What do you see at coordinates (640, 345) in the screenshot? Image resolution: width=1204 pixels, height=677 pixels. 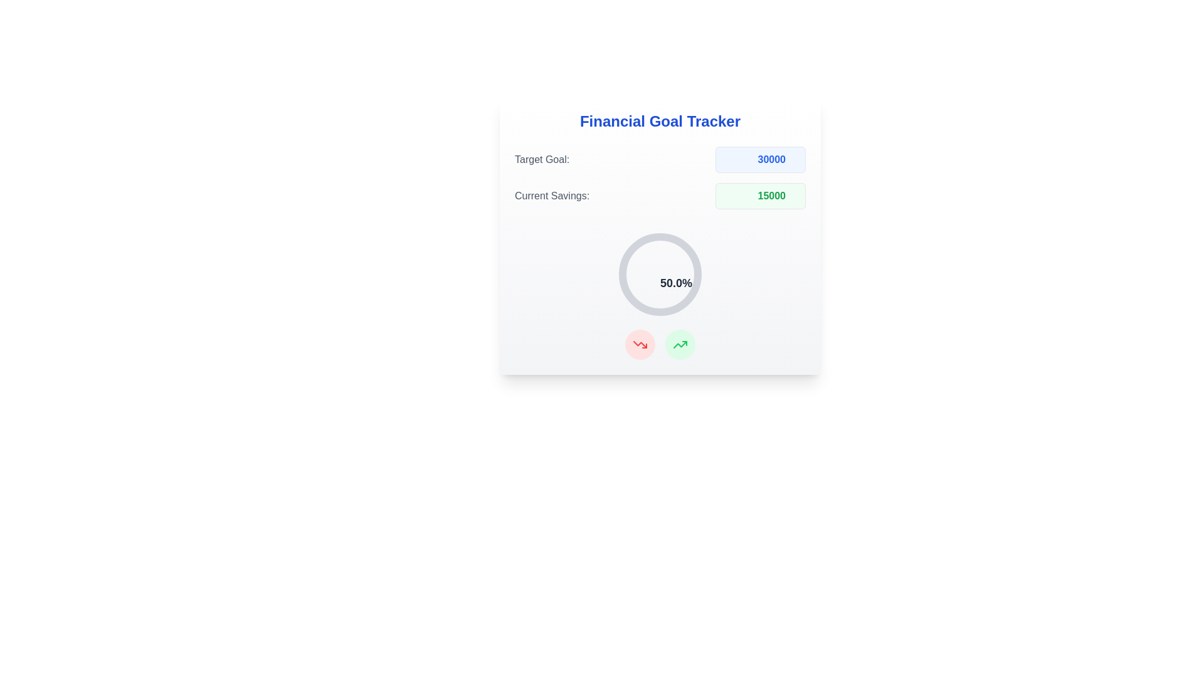 I see `the leftmost button representing a negative trend located below the circular chart` at bounding box center [640, 345].